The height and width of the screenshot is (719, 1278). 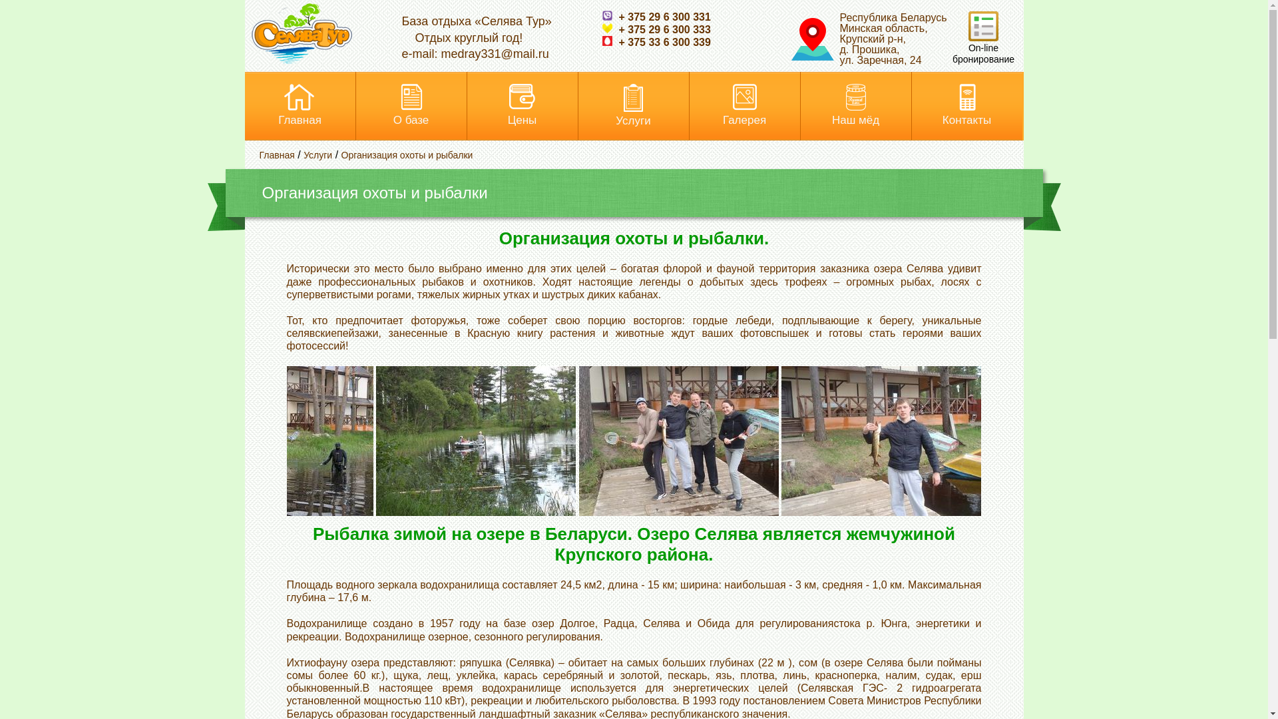 I want to click on 'medray331@mail.ru', so click(x=495, y=53).